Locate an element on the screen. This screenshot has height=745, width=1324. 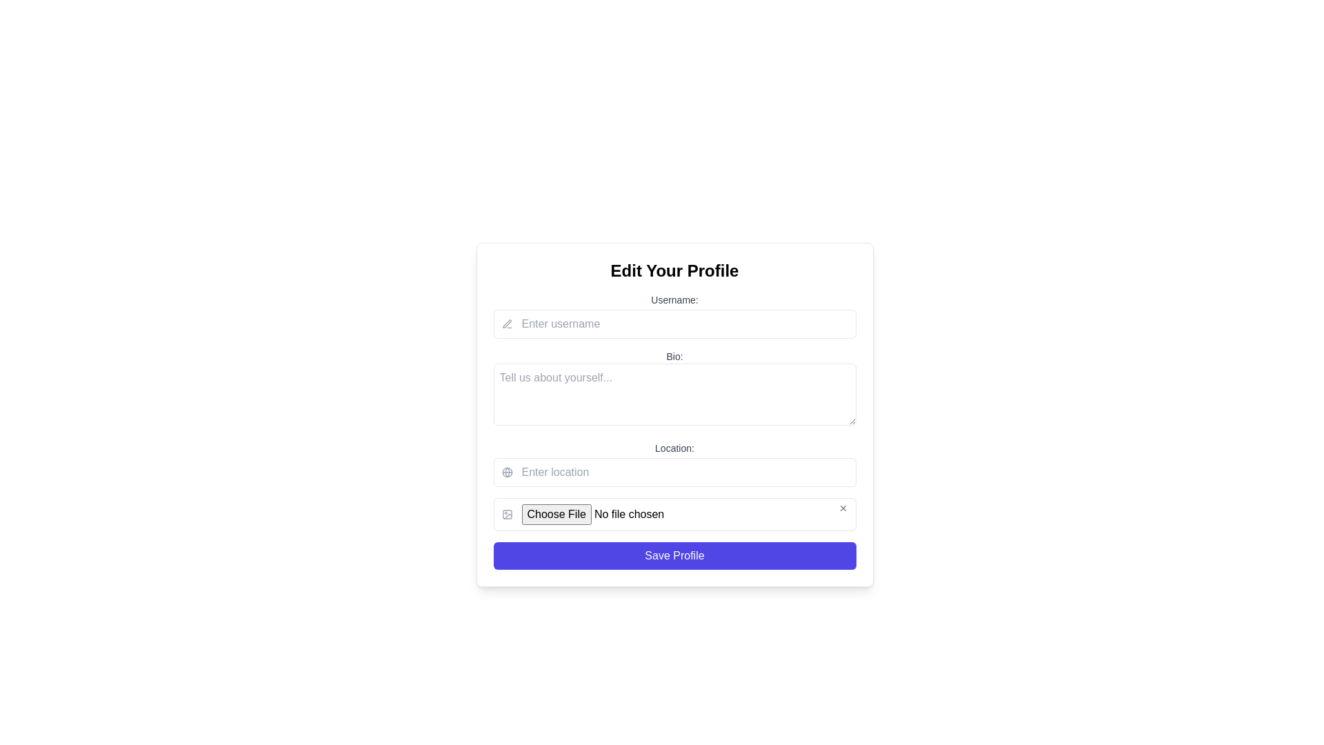
the decorative graphic element that indicates the 'Enter location' field, which is located within the globe icon to the left of the text input field is located at coordinates (506, 472).